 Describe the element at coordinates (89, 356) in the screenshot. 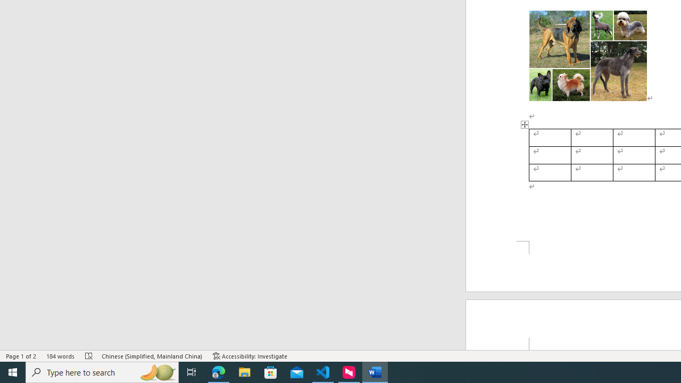

I see `'Spelling and Grammar Check Errors'` at that location.